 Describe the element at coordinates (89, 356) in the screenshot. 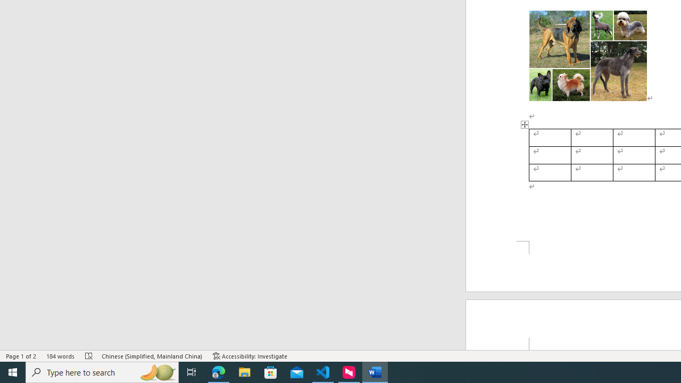

I see `'Spelling and Grammar Check Errors'` at that location.